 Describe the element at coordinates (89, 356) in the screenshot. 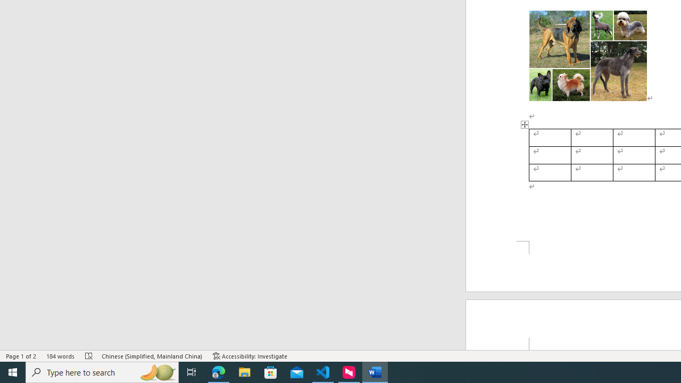

I see `'Spelling and Grammar Check Errors'` at that location.